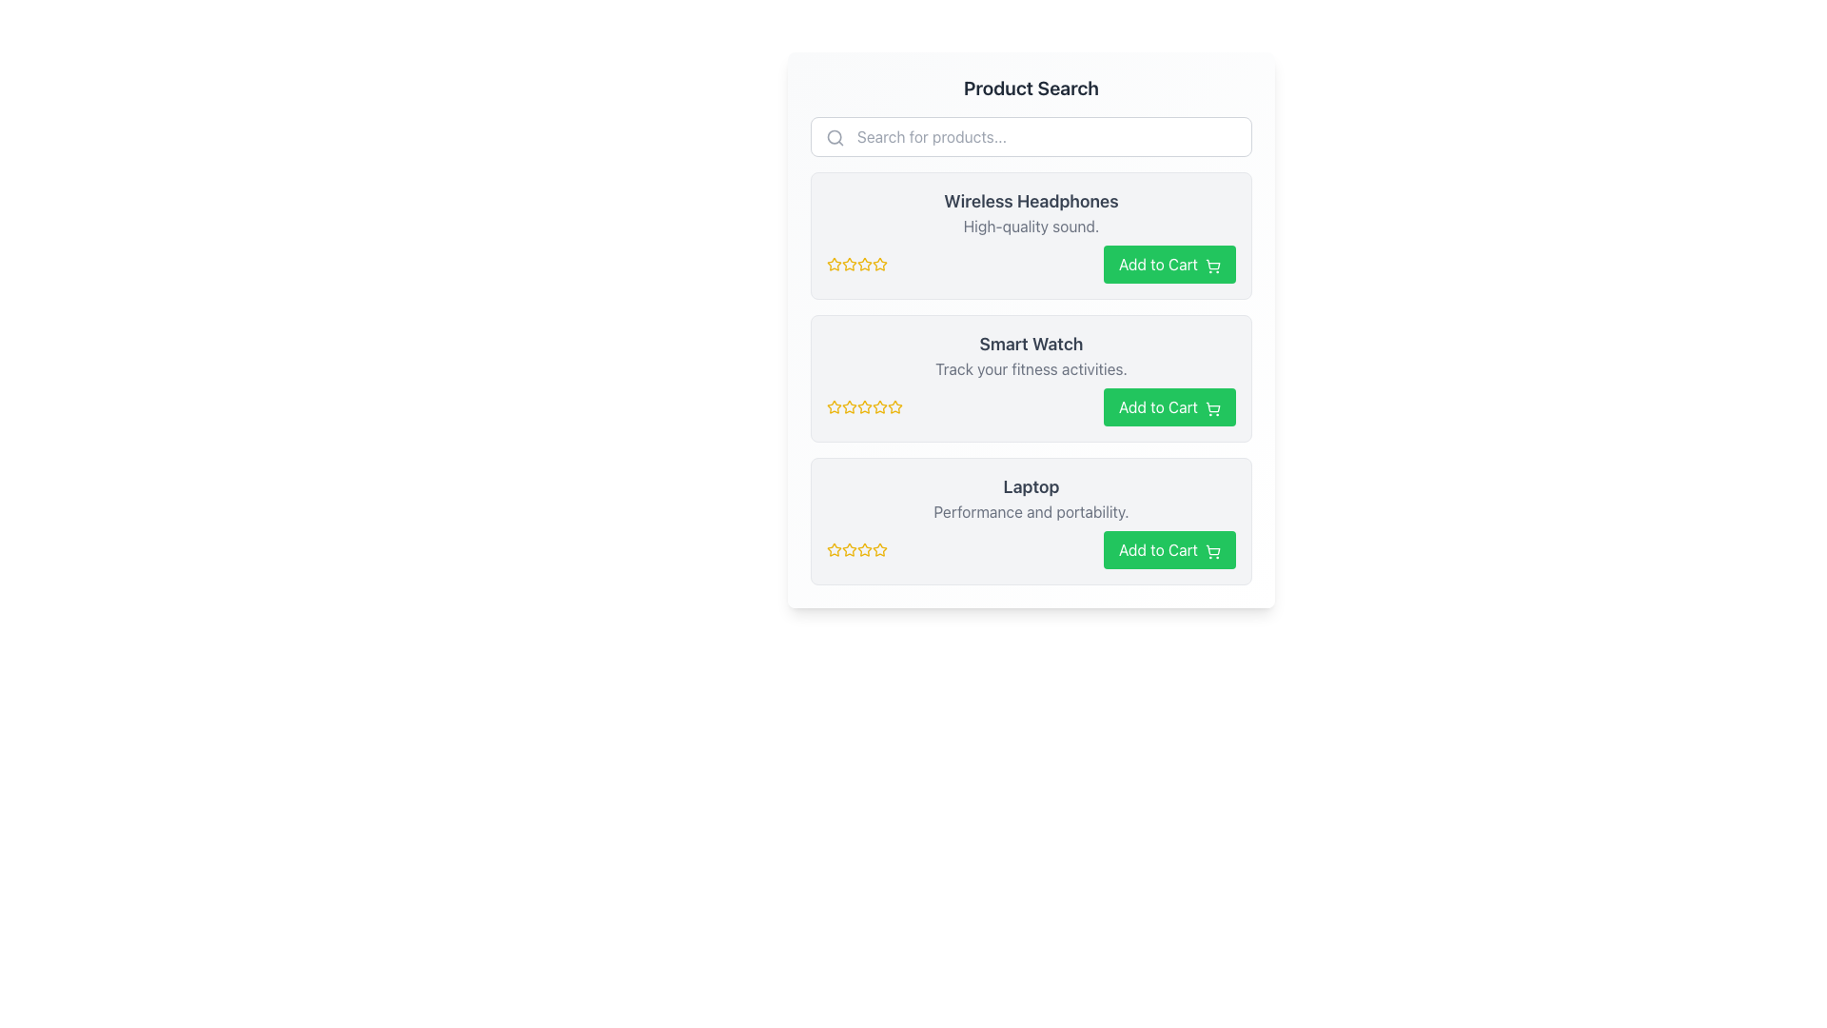  Describe the element at coordinates (1168, 264) in the screenshot. I see `the first button located in the top-right corner of the product's section` at that location.